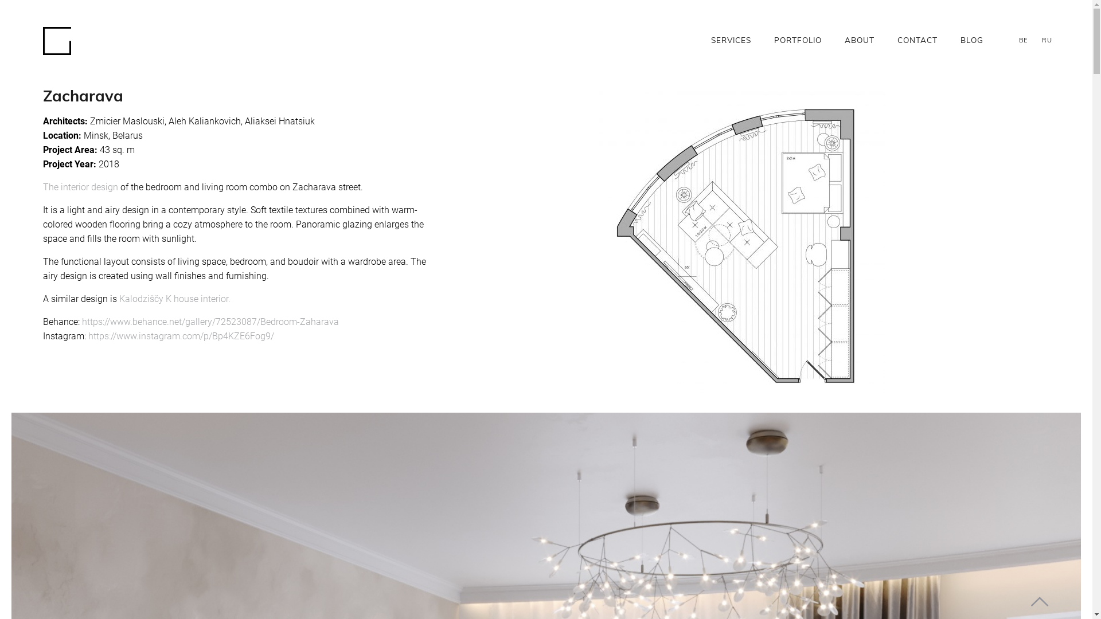 The height and width of the screenshot is (619, 1101). What do you see at coordinates (916, 39) in the screenshot?
I see `'CONTACT'` at bounding box center [916, 39].